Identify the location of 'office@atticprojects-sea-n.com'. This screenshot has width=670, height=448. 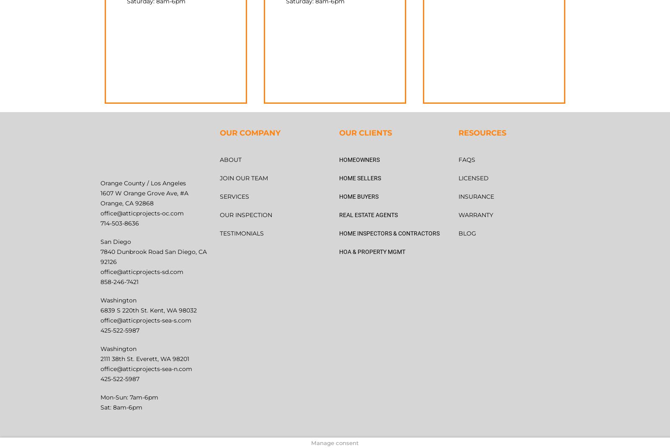
(146, 369).